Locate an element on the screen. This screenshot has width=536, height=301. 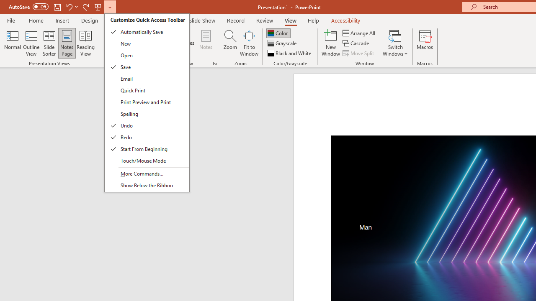
'Color' is located at coordinates (278, 33).